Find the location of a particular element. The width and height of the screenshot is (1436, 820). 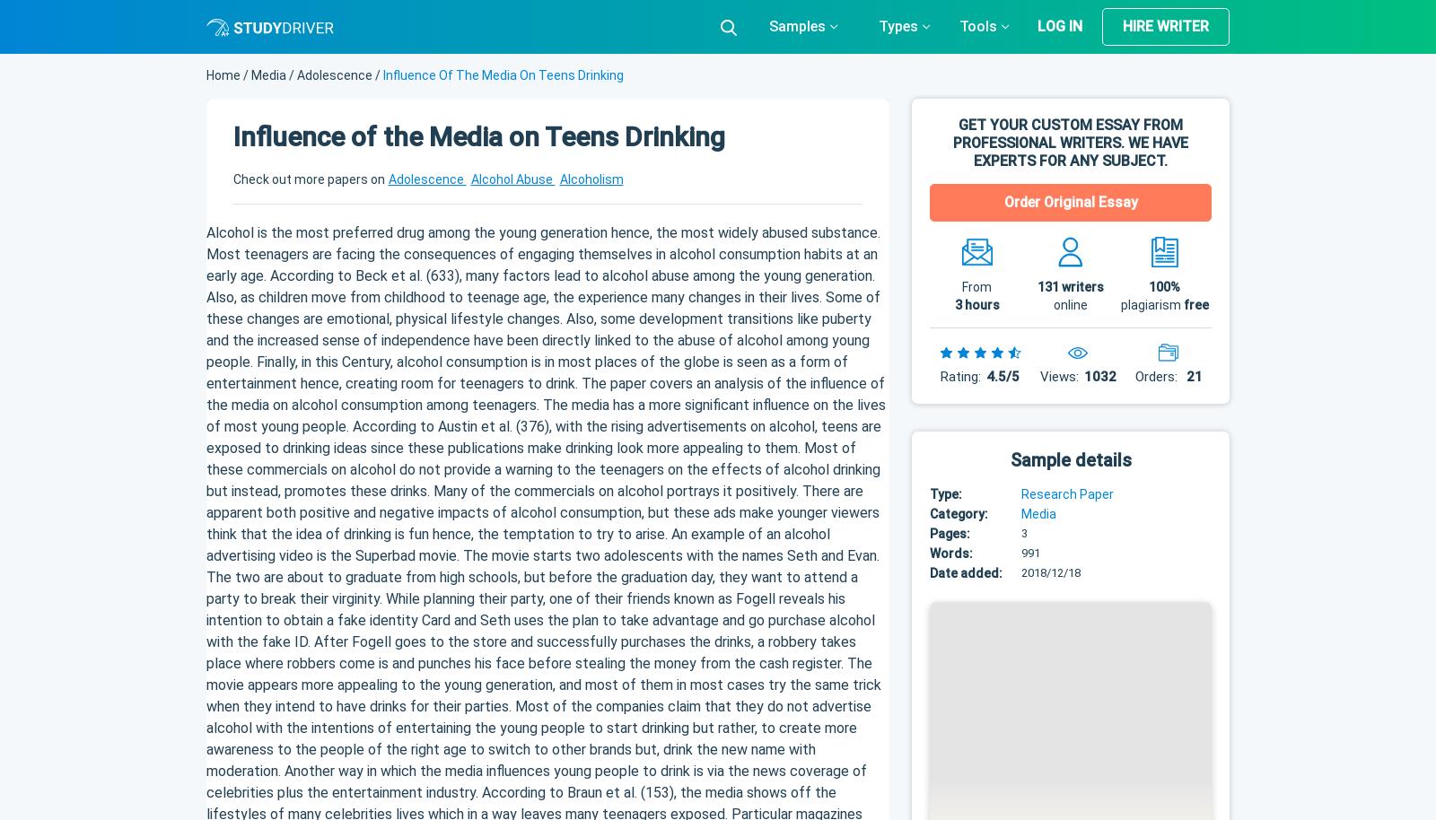

'3' is located at coordinates (1024, 532).